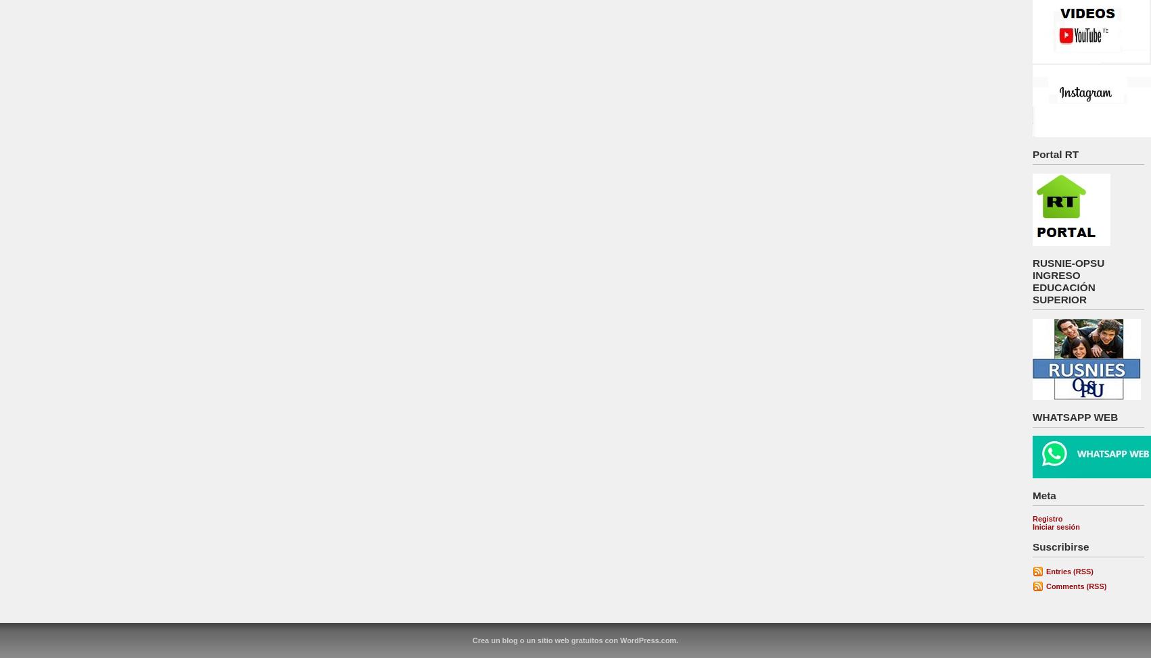 The height and width of the screenshot is (658, 1151). I want to click on 'Comments (RSS)', so click(1075, 585).